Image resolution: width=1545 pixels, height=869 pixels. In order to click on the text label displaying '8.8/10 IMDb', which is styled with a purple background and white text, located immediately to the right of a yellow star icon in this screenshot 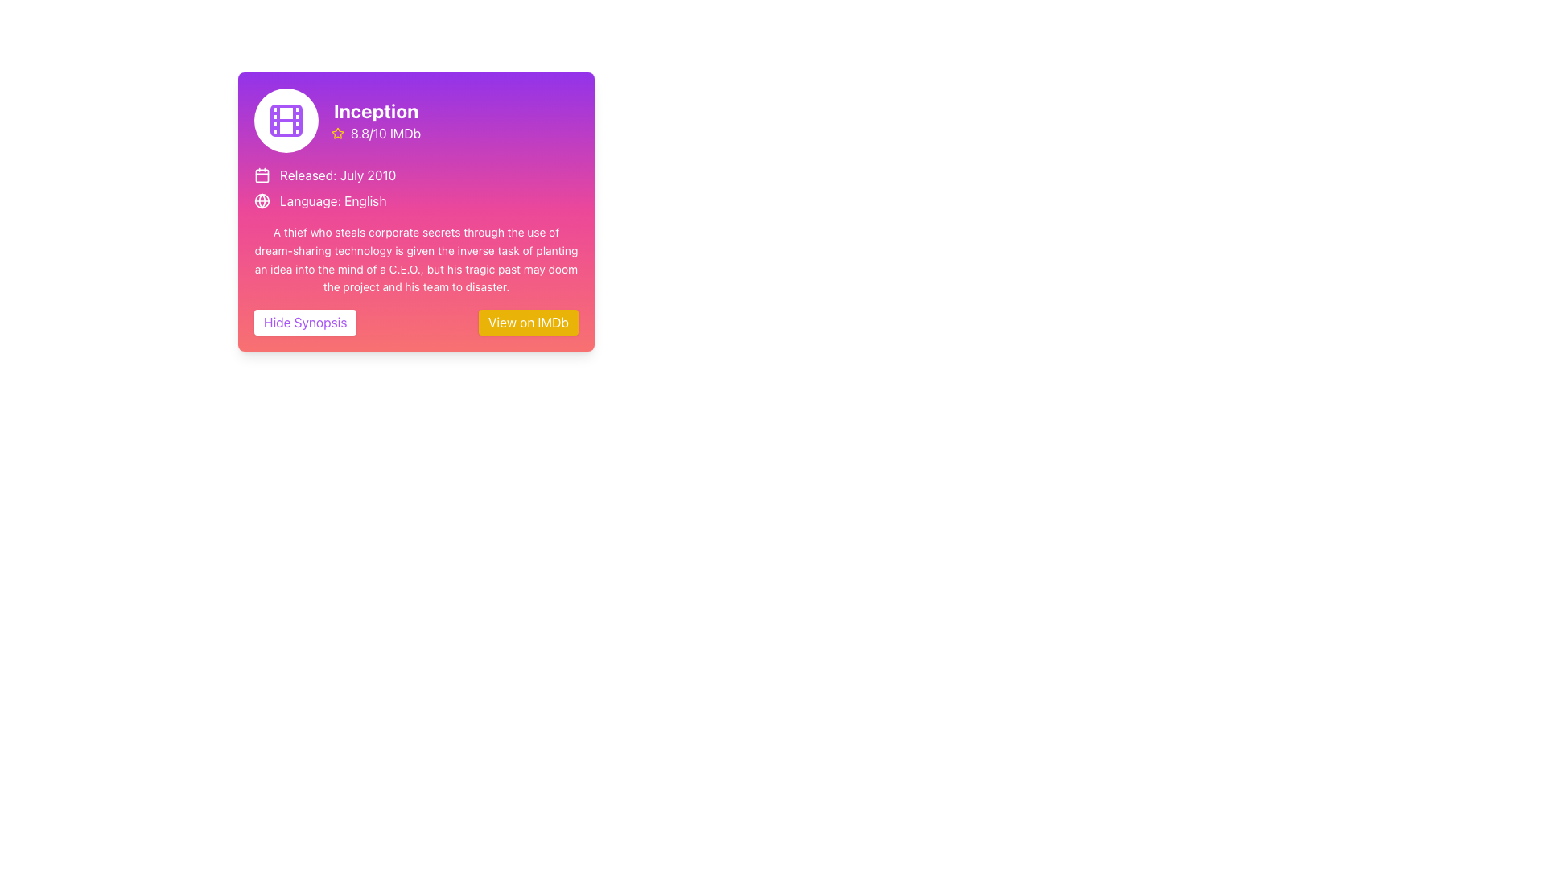, I will do `click(385, 132)`.